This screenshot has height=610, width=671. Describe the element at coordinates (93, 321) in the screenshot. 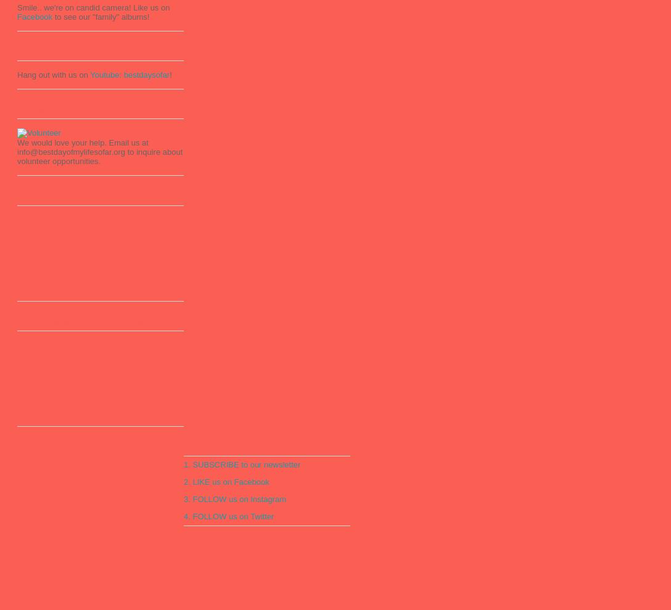

I see `'Playlist - Families' and Readers' Responses'` at that location.